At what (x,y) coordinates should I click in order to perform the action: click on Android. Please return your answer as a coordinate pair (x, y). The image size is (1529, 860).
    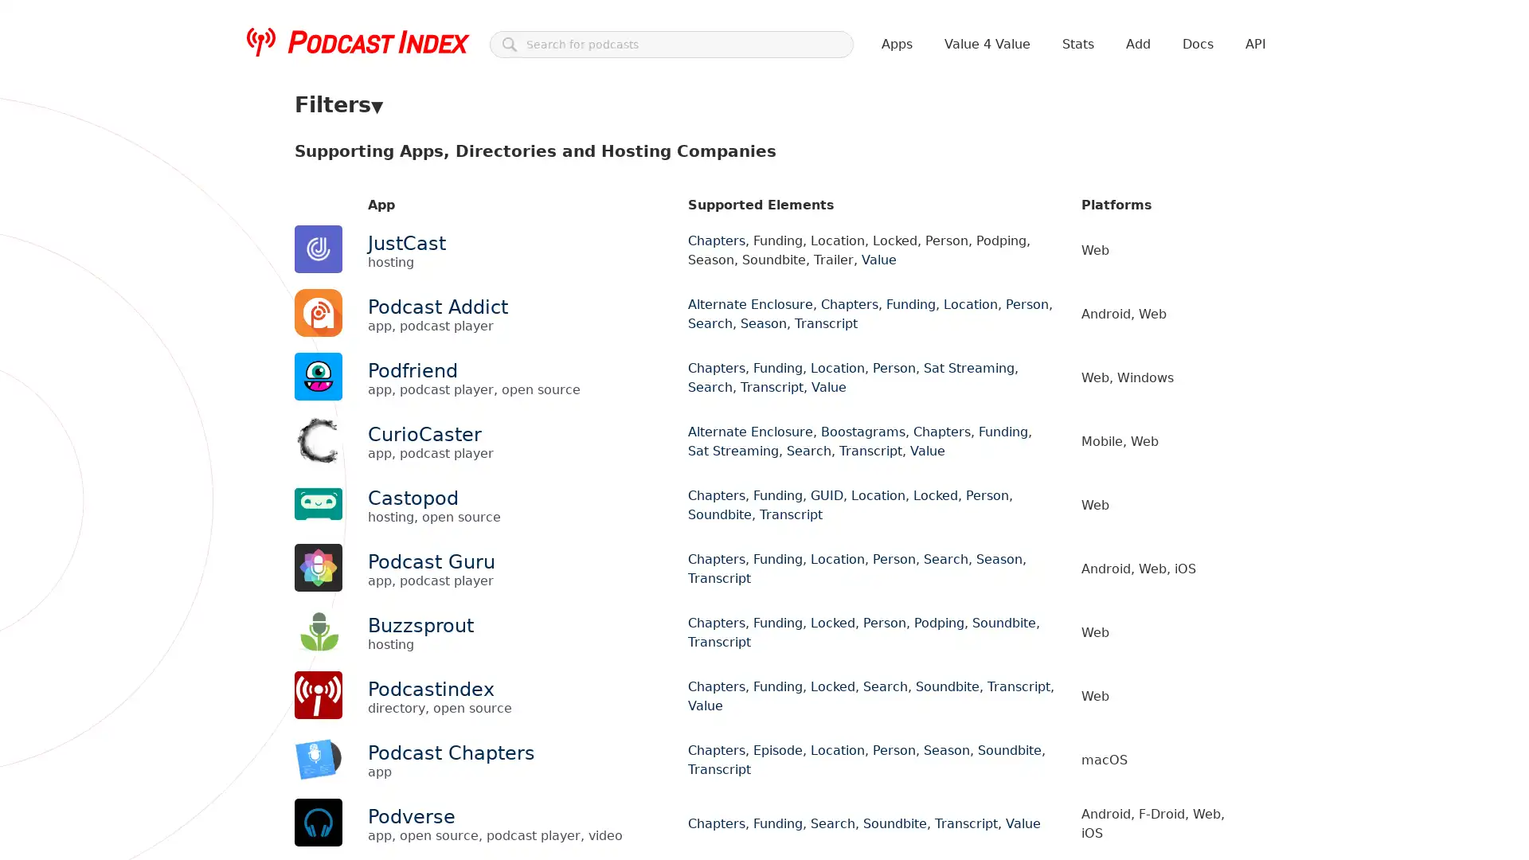
    Looking at the image, I should click on (444, 326).